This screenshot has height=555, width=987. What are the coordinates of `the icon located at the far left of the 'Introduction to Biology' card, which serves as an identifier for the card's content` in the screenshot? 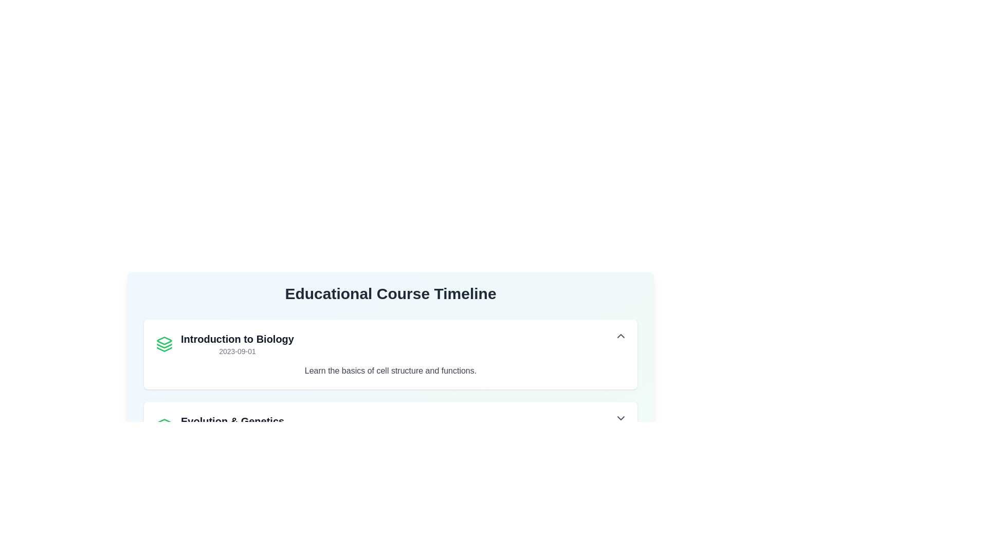 It's located at (164, 344).